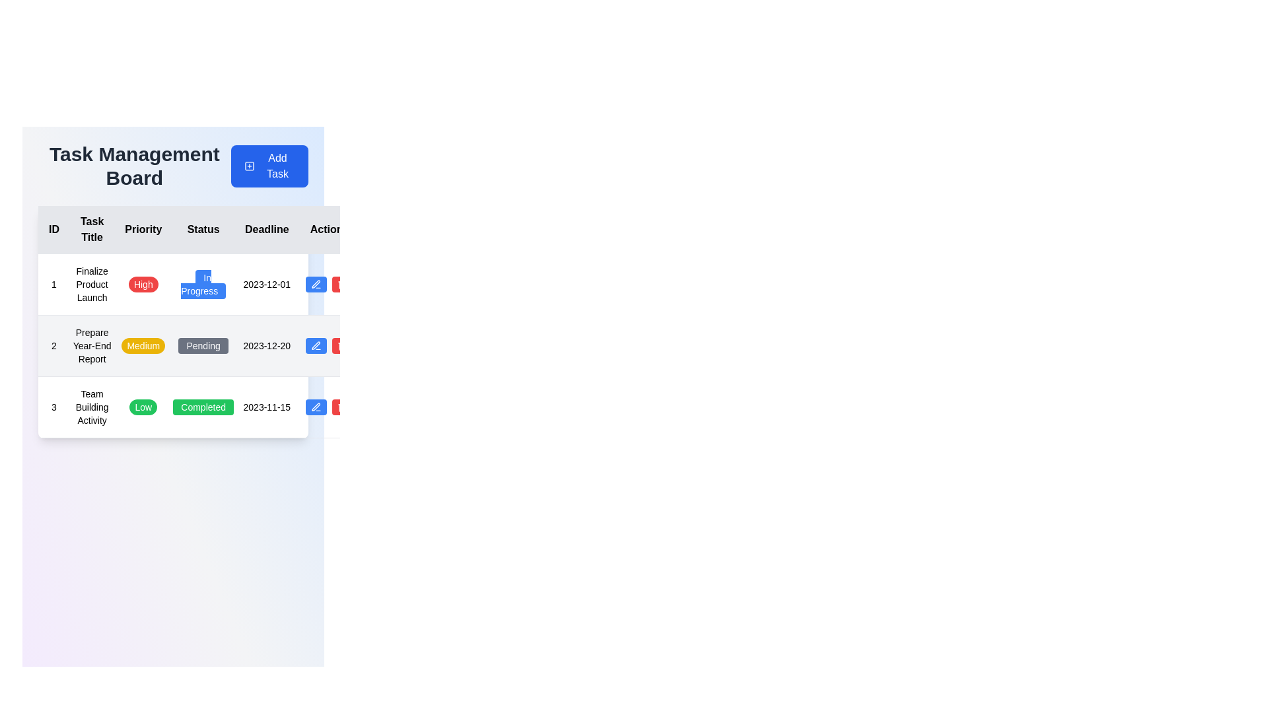  I want to click on the Separator element located in the 'Action' column under the task 'Finalize Product Launch', positioned between the blue edit button and the red delete button, so click(330, 284).